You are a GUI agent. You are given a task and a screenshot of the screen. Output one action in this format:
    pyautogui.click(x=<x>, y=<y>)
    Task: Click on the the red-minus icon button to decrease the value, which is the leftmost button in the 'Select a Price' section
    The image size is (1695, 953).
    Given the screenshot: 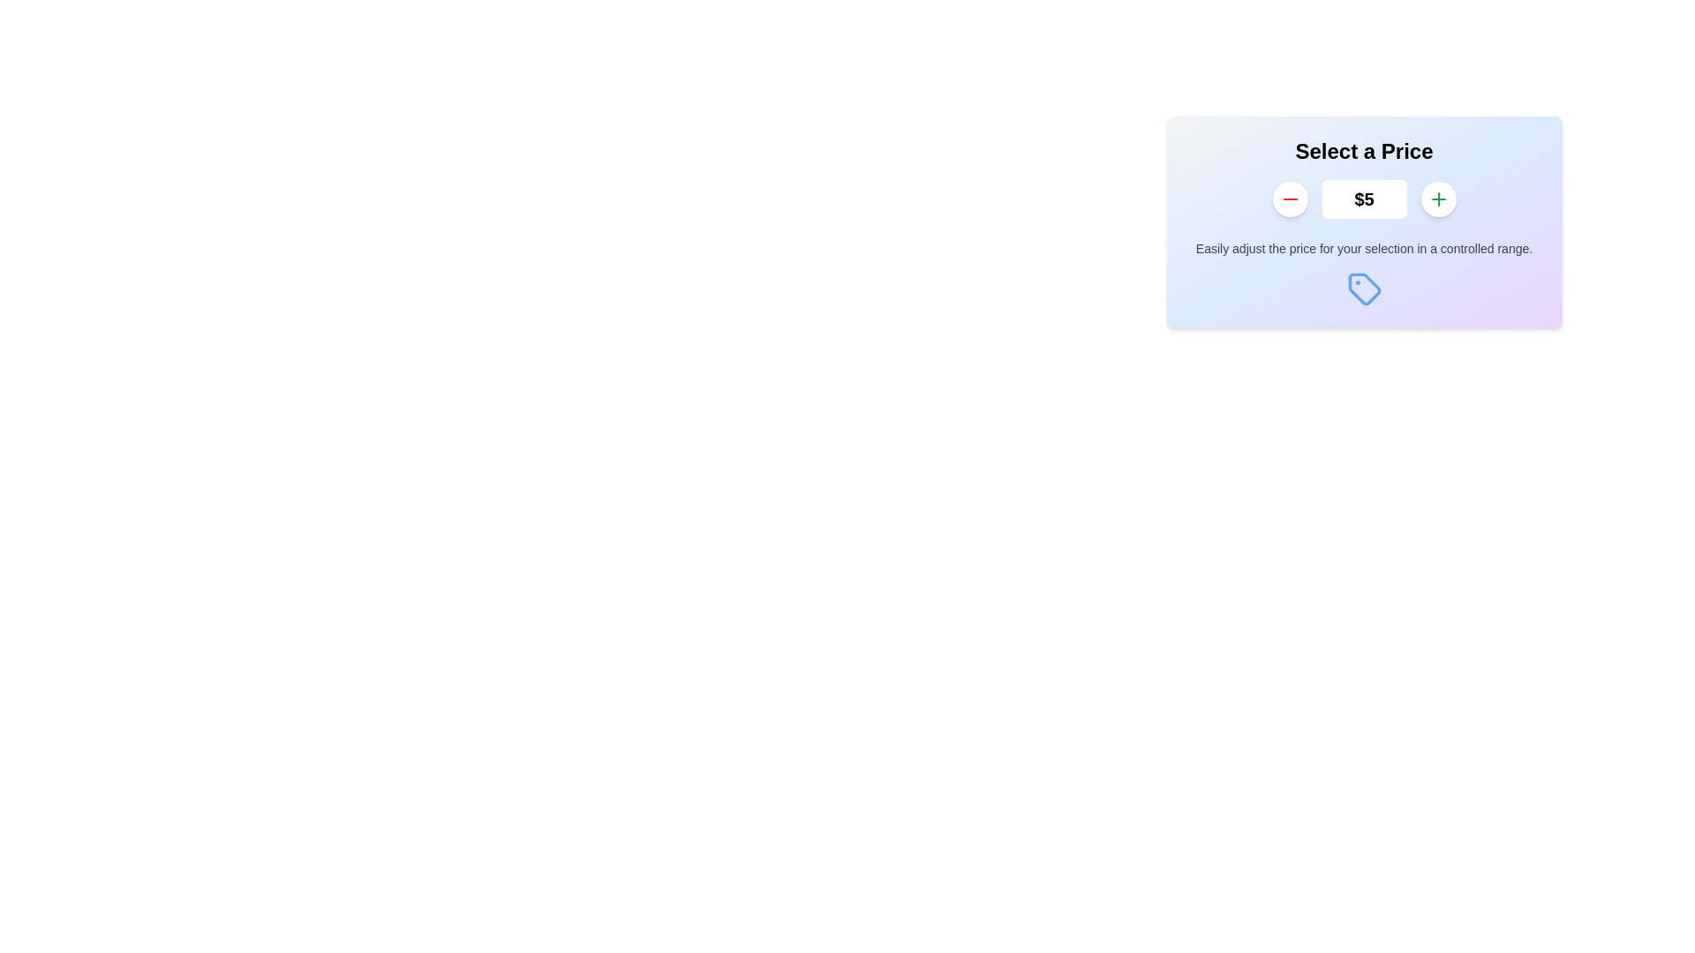 What is the action you would take?
    pyautogui.click(x=1290, y=199)
    